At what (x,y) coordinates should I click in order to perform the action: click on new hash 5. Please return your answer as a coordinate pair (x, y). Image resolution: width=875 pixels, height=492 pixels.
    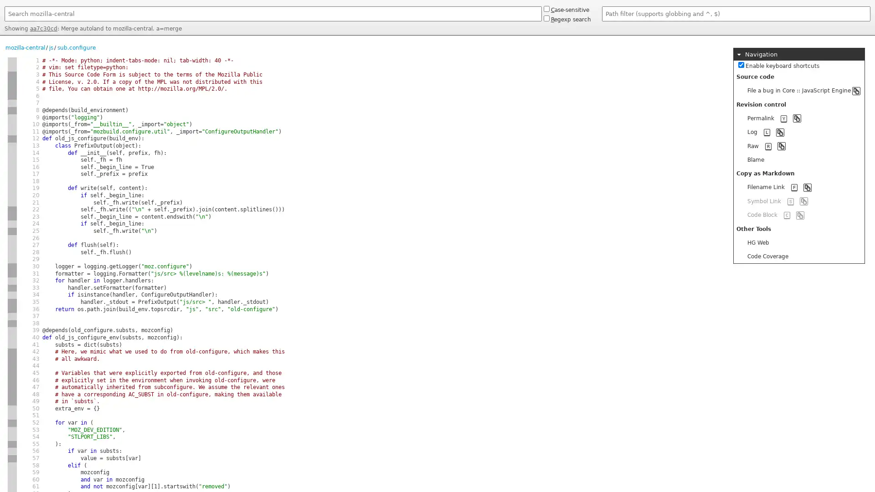
    Looking at the image, I should click on (12, 408).